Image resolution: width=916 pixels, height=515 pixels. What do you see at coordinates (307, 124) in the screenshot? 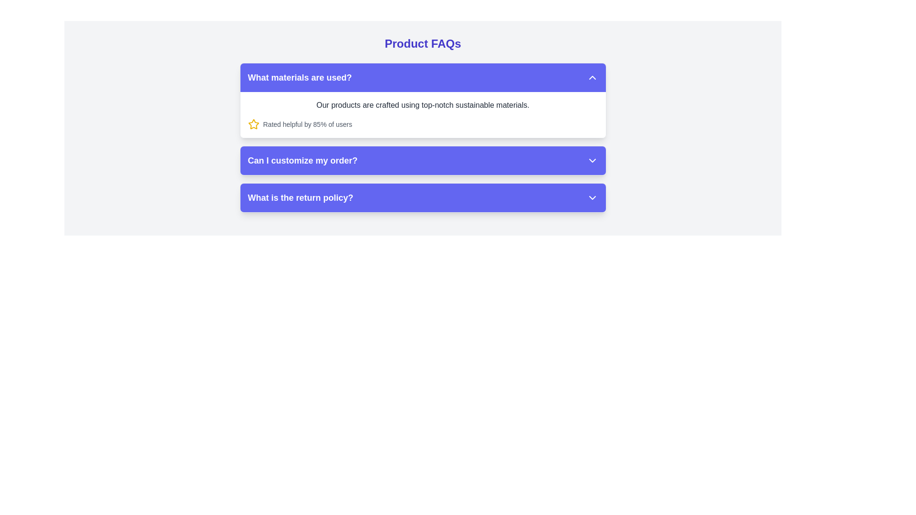
I see `the text display that reads 'Rated helpful by 85% of users', which is styled in a small gray font and positioned next to a star icon, located beneath the question 'What materials are used?'` at bounding box center [307, 124].